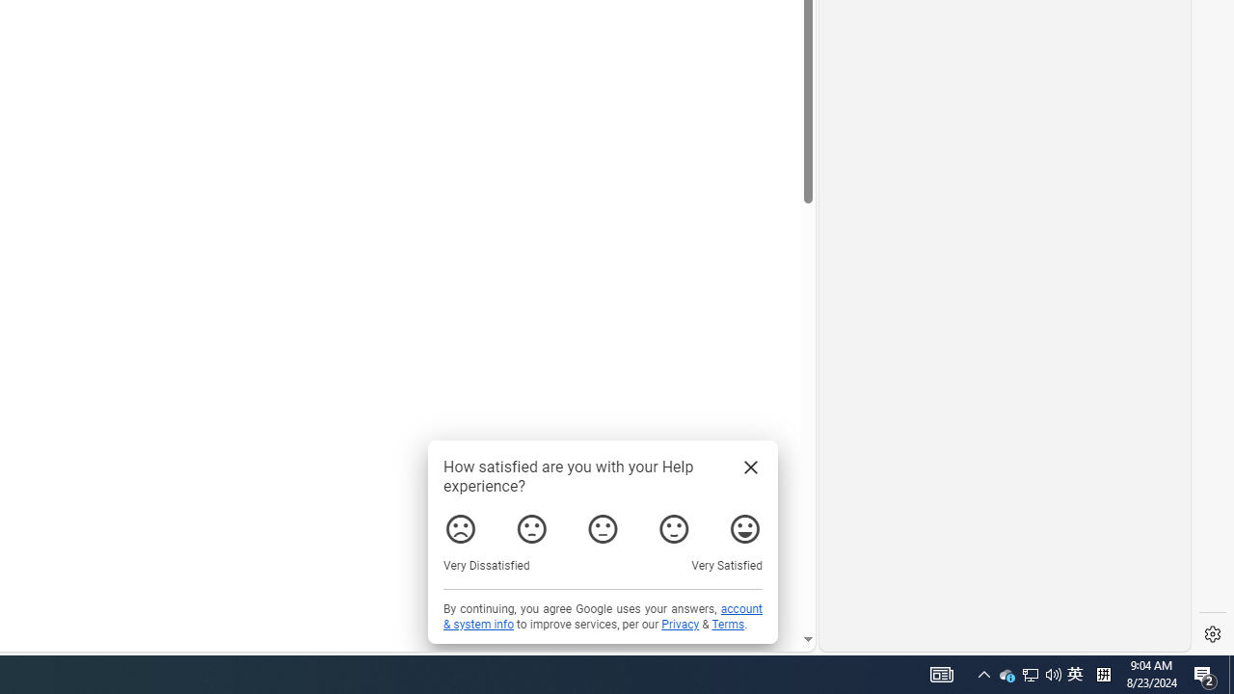 Image resolution: width=1234 pixels, height=694 pixels. I want to click on 'Smiley 1 of 5. Very dissatisfied Very Dissatisfied', so click(460, 529).